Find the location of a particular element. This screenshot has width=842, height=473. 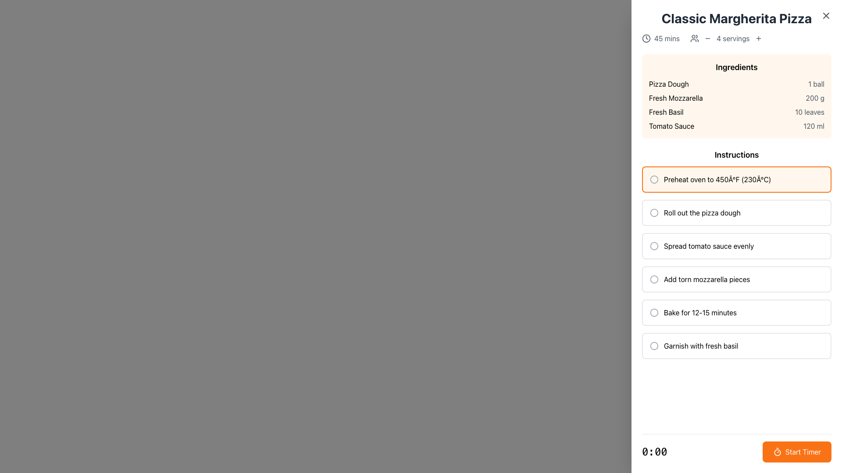

the small, circular button with a minus sign icon, located to the left of the '4 servings' label, to decrease the serving count is located at coordinates (708, 38).